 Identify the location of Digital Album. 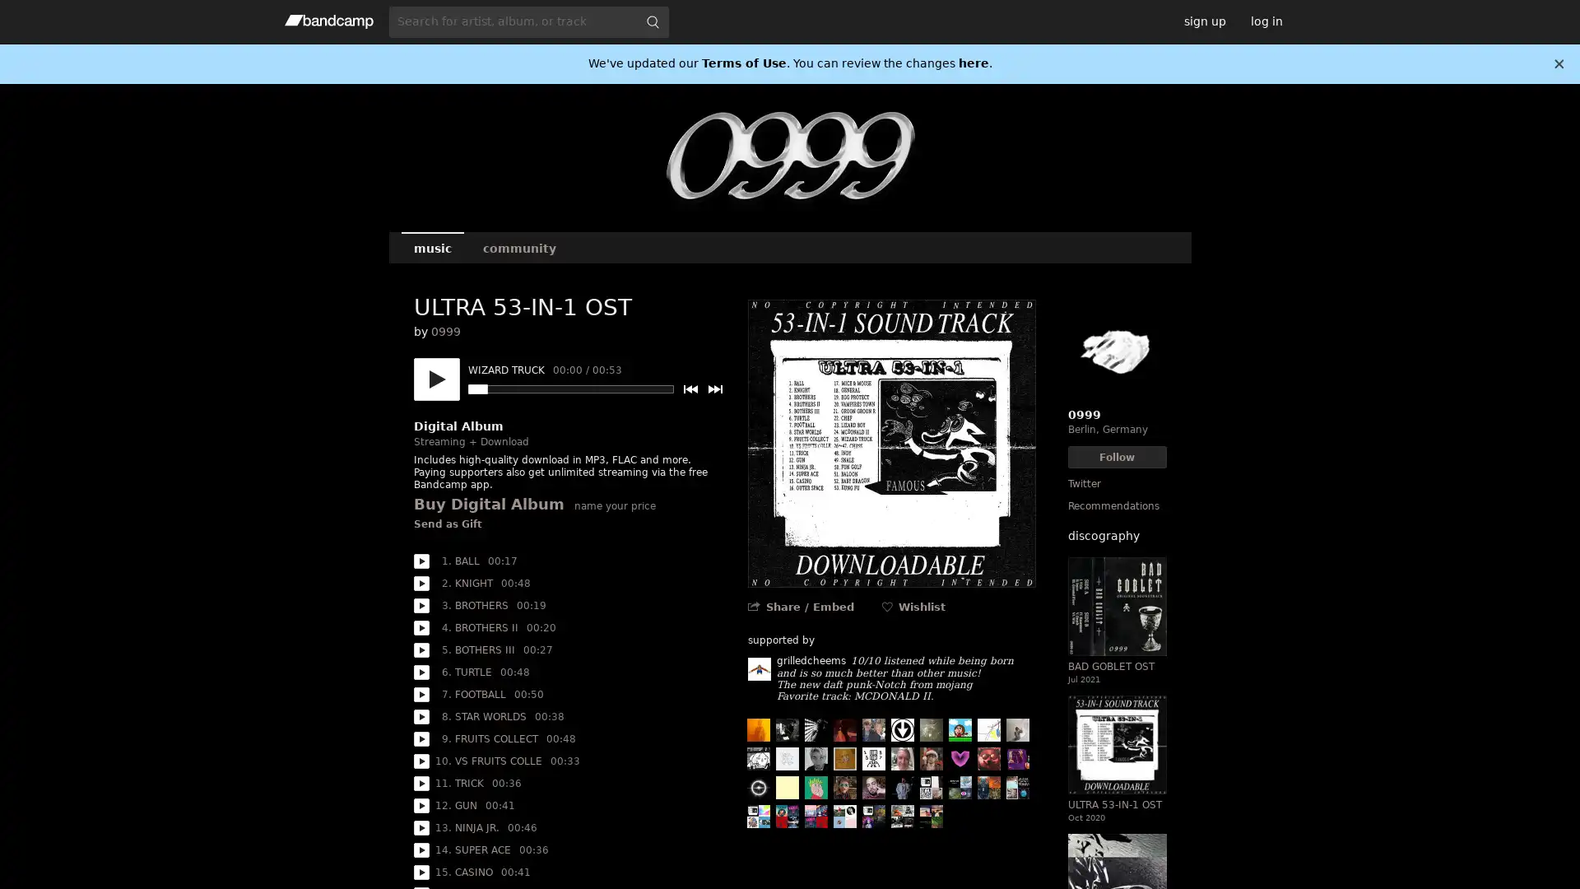
(458, 425).